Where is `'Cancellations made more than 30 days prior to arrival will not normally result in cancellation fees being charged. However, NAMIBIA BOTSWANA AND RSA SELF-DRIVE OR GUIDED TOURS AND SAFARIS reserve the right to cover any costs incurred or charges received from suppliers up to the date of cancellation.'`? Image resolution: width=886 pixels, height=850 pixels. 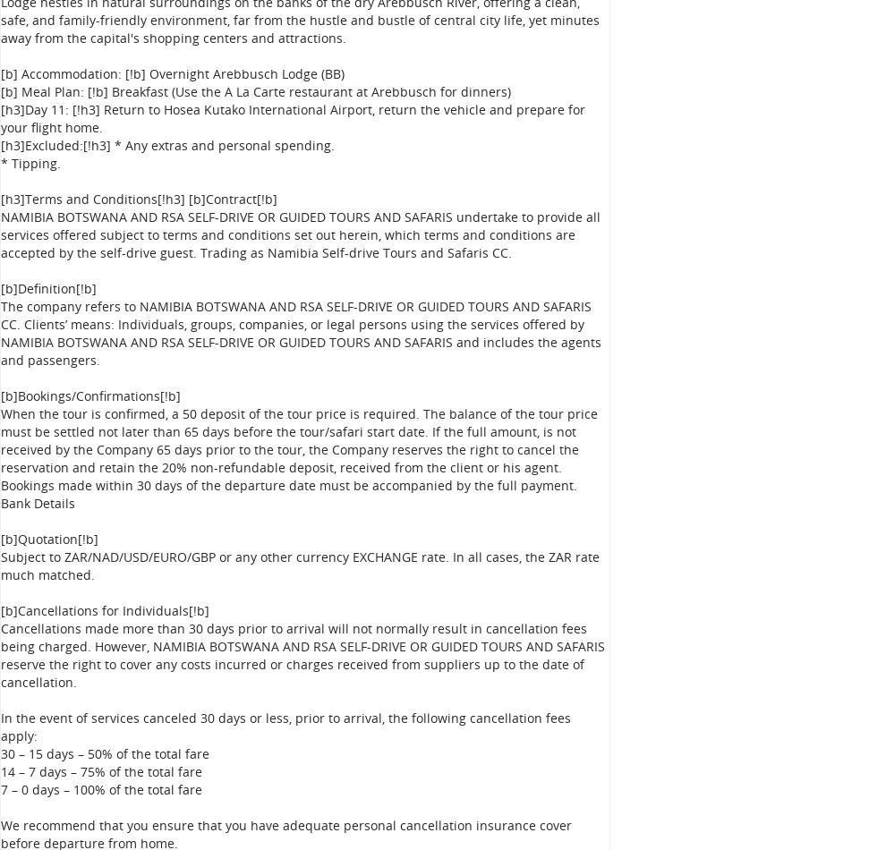 'Cancellations made more than 30 days prior to arrival will not normally result in cancellation fees being charged. However, NAMIBIA BOTSWANA AND RSA SELF-DRIVE OR GUIDED TOURS AND SAFARIS reserve the right to cover any costs incurred or charges received from suppliers up to the date of cancellation.' is located at coordinates (0, 654).